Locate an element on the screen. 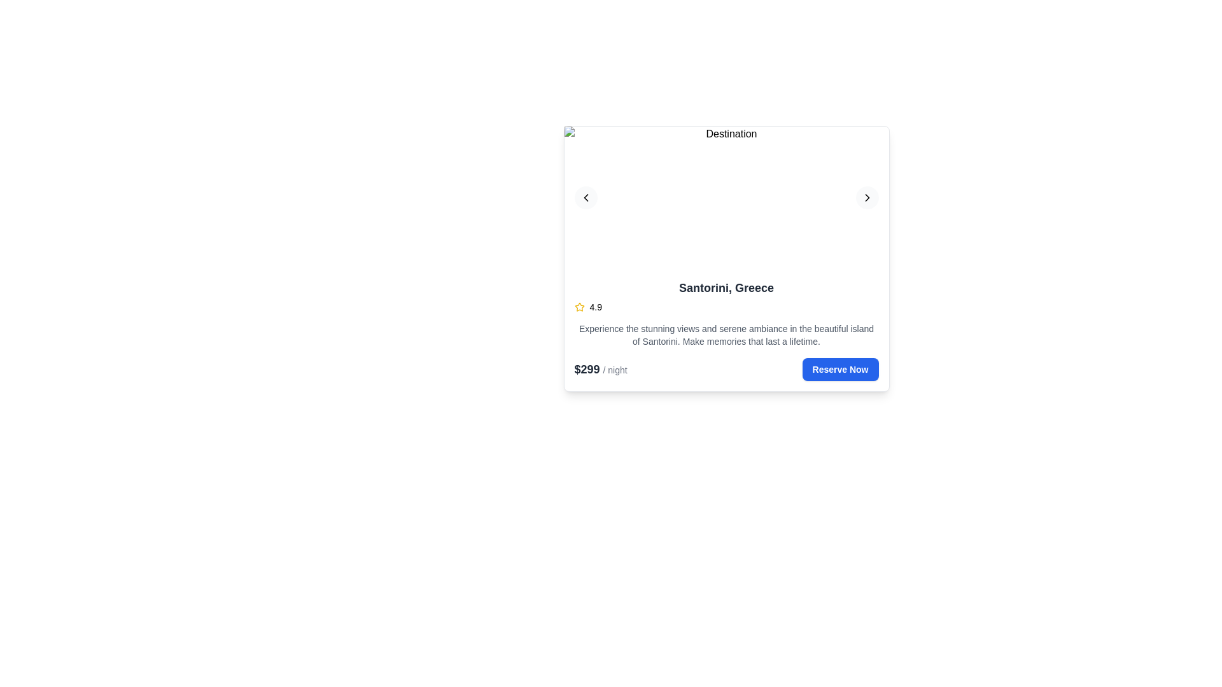 This screenshot has height=687, width=1222. the price value display element located in the pricing section of the main content block is located at coordinates (588, 370).